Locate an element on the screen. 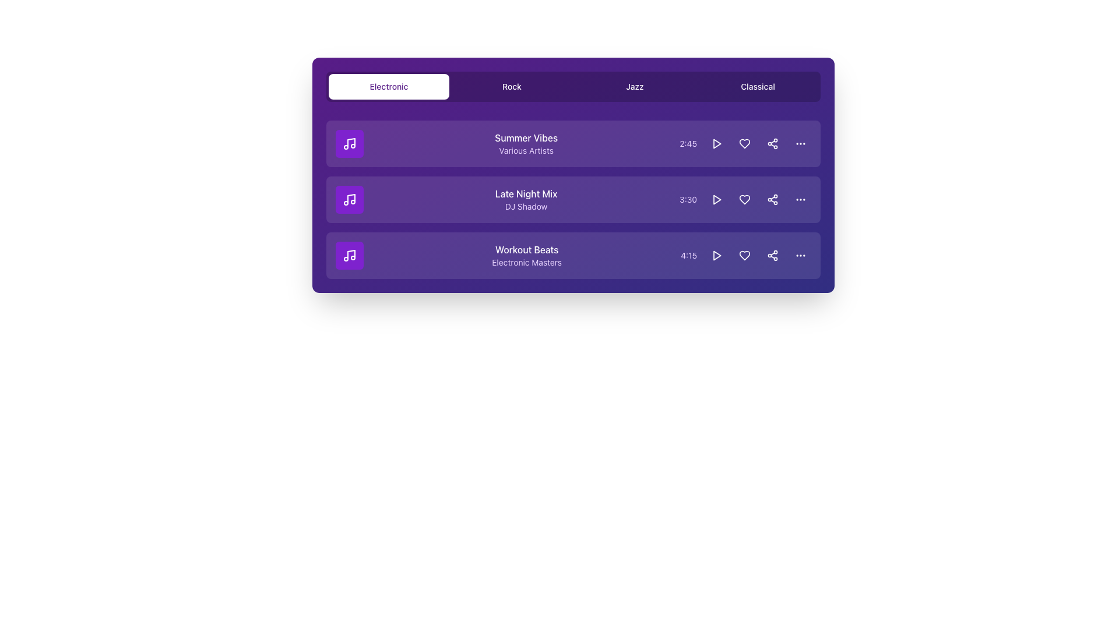 Image resolution: width=1119 pixels, height=629 pixels. the static text label displaying the duration of the audio item 'Summer Vibes' (2 minutes and 45 seconds) located at the right end of the first row in the vertically arranged list is located at coordinates (688, 143).